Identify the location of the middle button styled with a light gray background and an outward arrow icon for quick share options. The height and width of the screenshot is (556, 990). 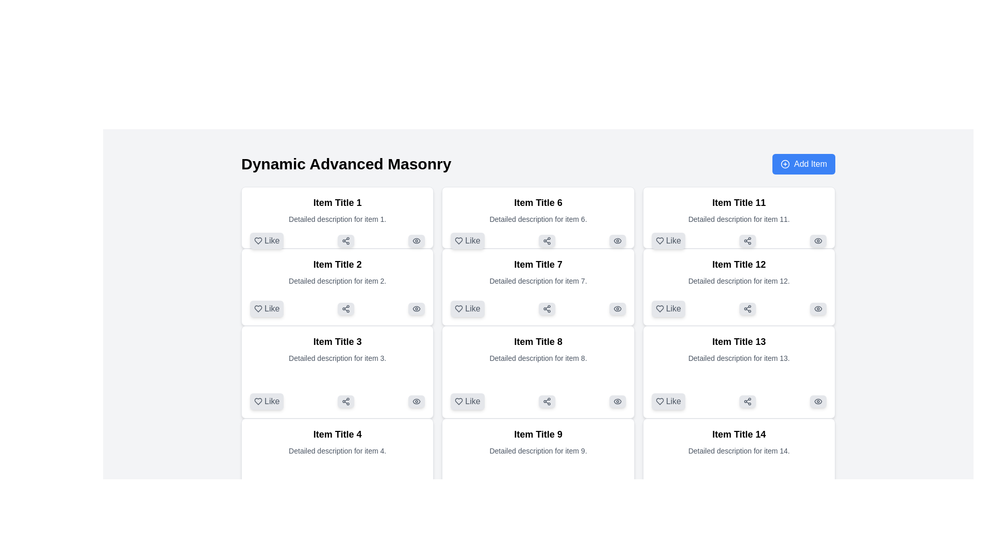
(337, 401).